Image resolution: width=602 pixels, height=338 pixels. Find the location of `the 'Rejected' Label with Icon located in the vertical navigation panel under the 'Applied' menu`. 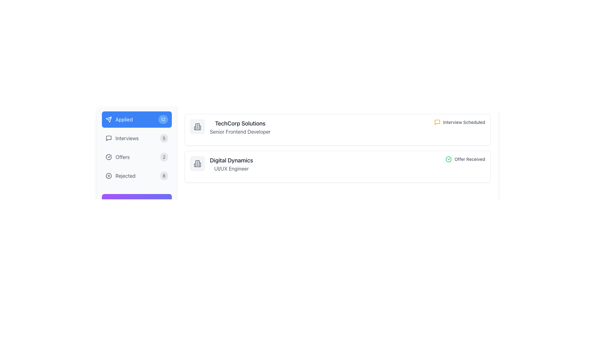

the 'Rejected' Label with Icon located in the vertical navigation panel under the 'Applied' menu is located at coordinates (120, 176).